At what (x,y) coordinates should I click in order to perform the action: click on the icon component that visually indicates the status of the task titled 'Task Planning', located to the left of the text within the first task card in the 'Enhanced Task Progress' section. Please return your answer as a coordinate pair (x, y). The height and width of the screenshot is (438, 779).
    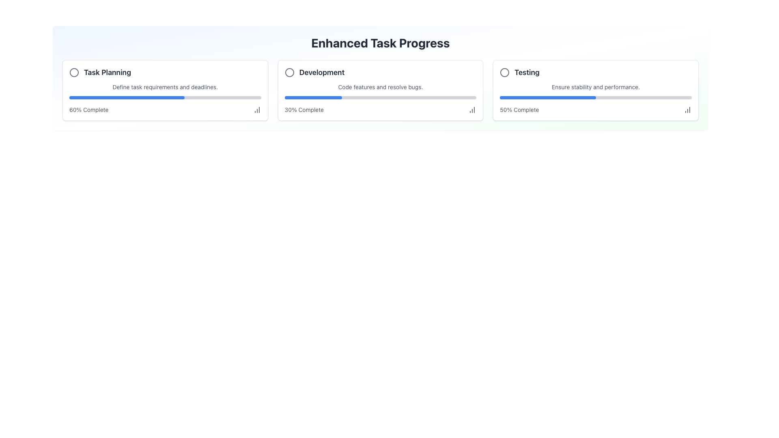
    Looking at the image, I should click on (74, 72).